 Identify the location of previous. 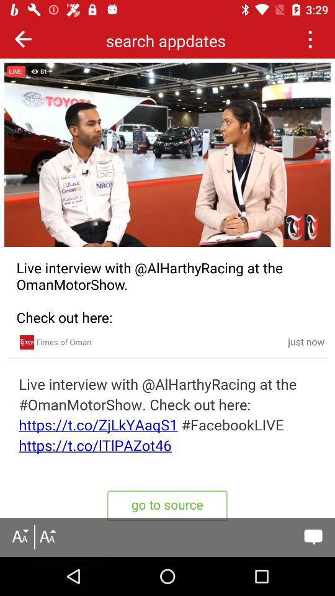
(309, 38).